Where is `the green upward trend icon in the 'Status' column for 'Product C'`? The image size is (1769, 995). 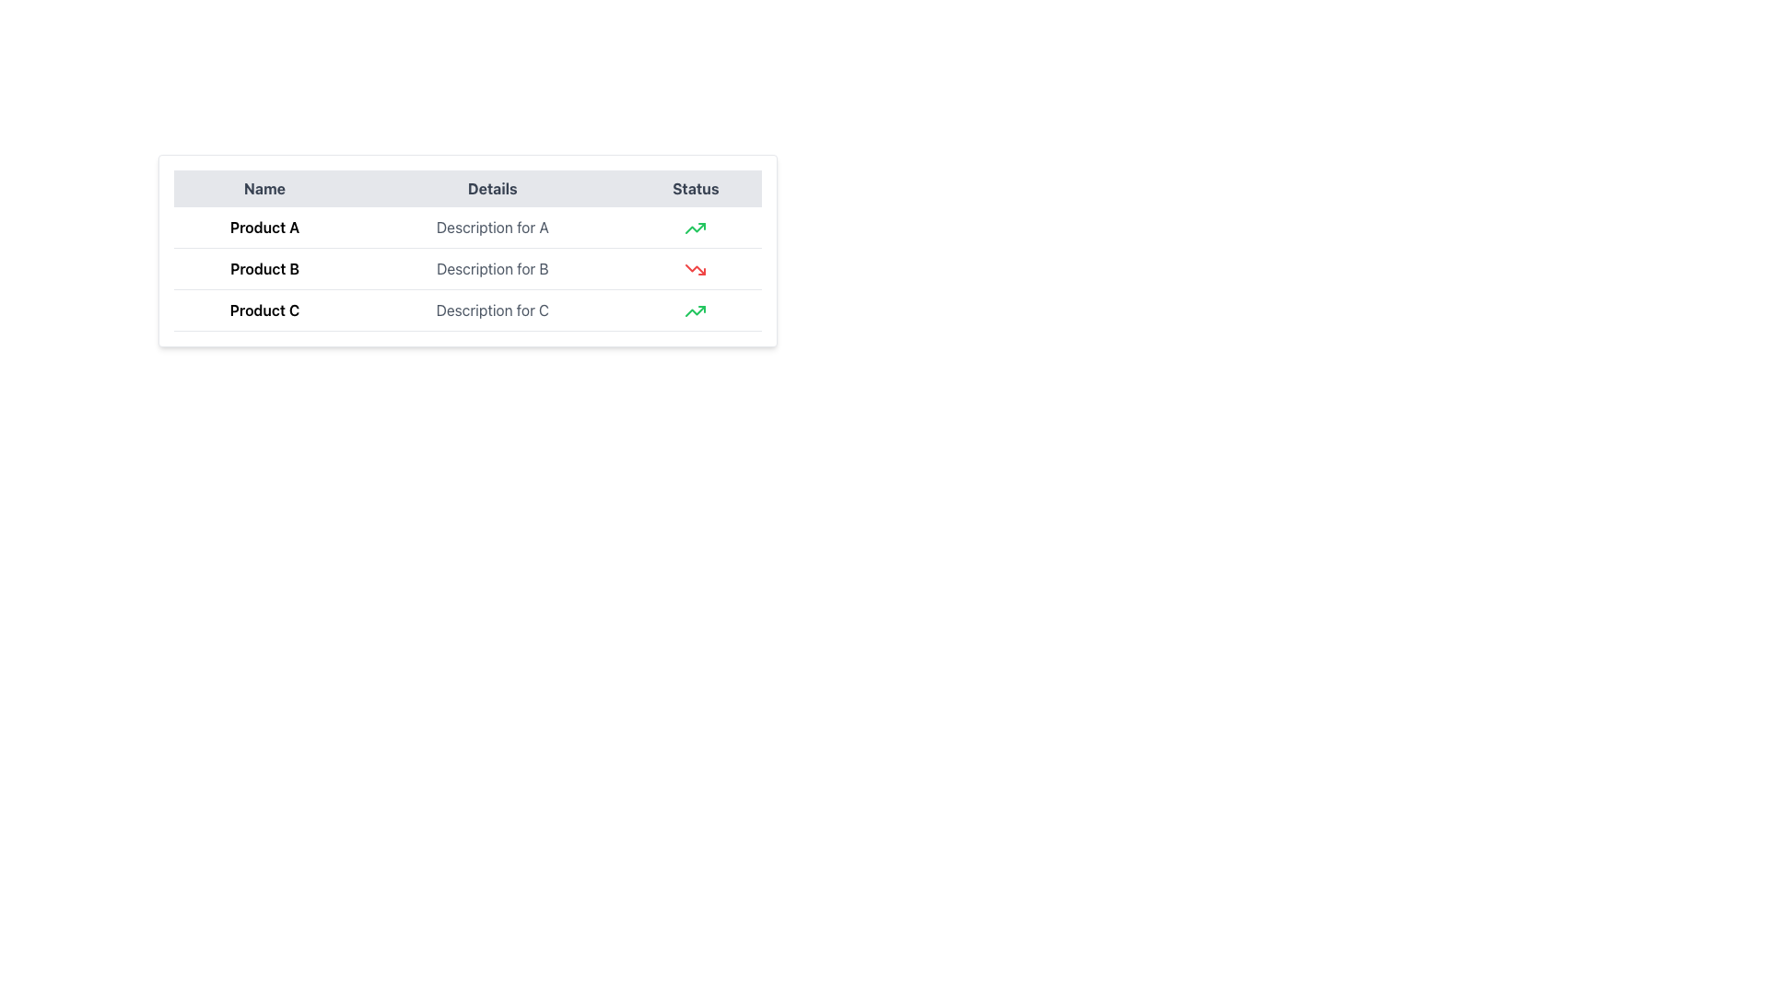 the green upward trend icon in the 'Status' column for 'Product C' is located at coordinates (695, 228).